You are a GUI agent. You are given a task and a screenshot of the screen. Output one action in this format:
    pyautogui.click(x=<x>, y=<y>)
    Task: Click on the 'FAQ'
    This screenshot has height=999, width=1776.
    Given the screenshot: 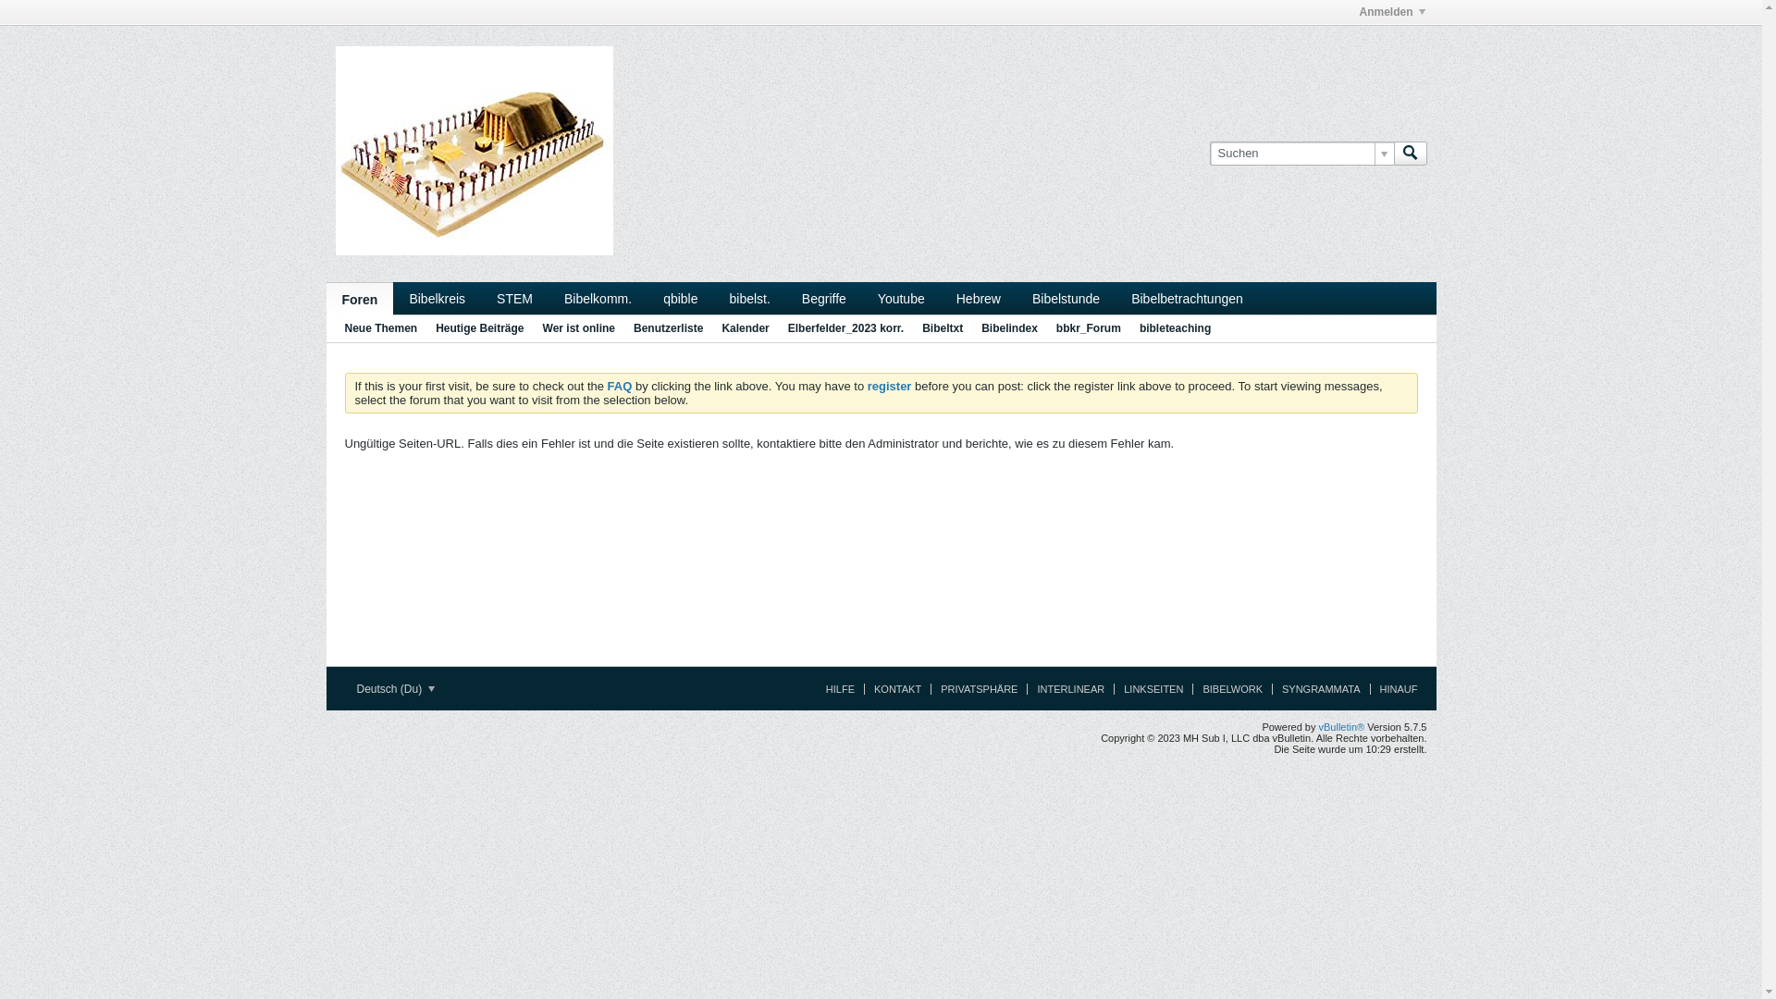 What is the action you would take?
    pyautogui.click(x=620, y=385)
    